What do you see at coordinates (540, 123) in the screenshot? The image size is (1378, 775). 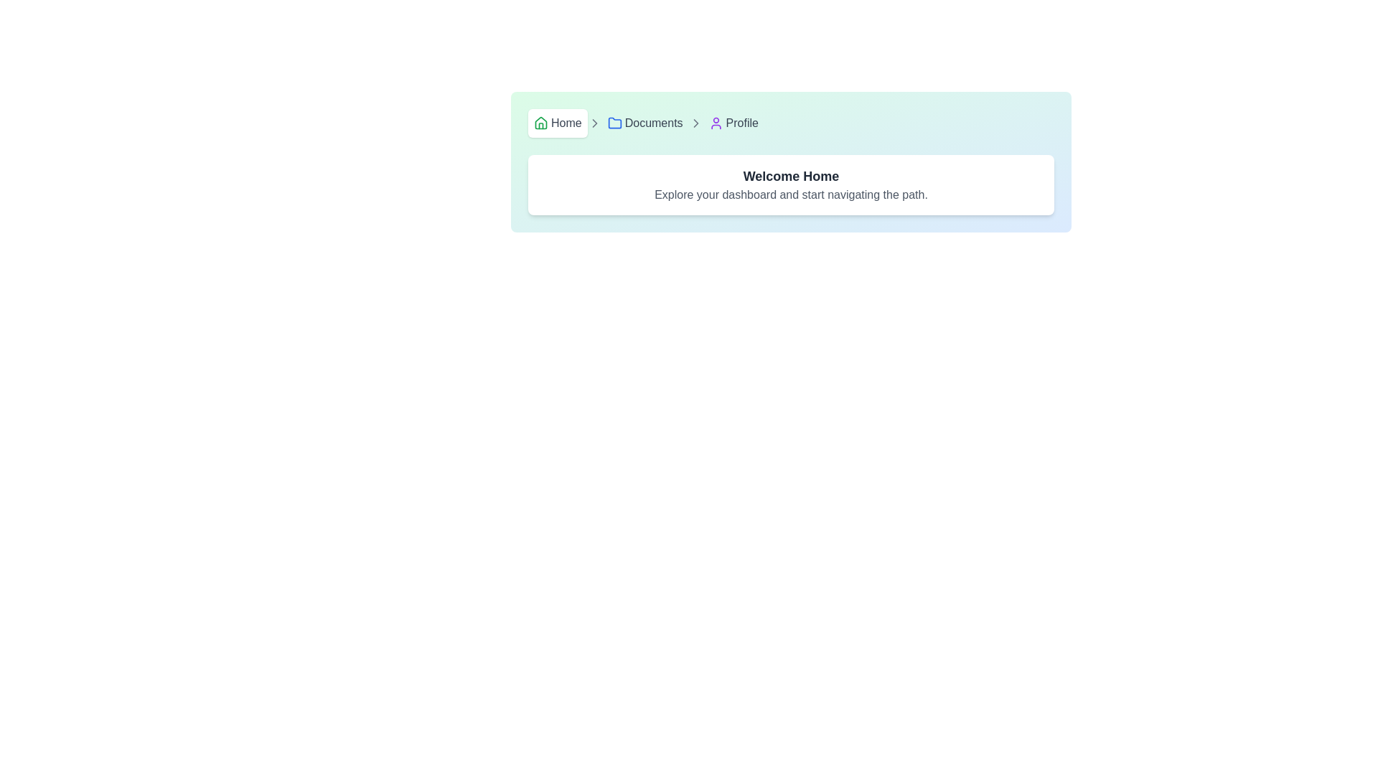 I see `the green house-shaped icon on the leftmost side of the navigation bar` at bounding box center [540, 123].